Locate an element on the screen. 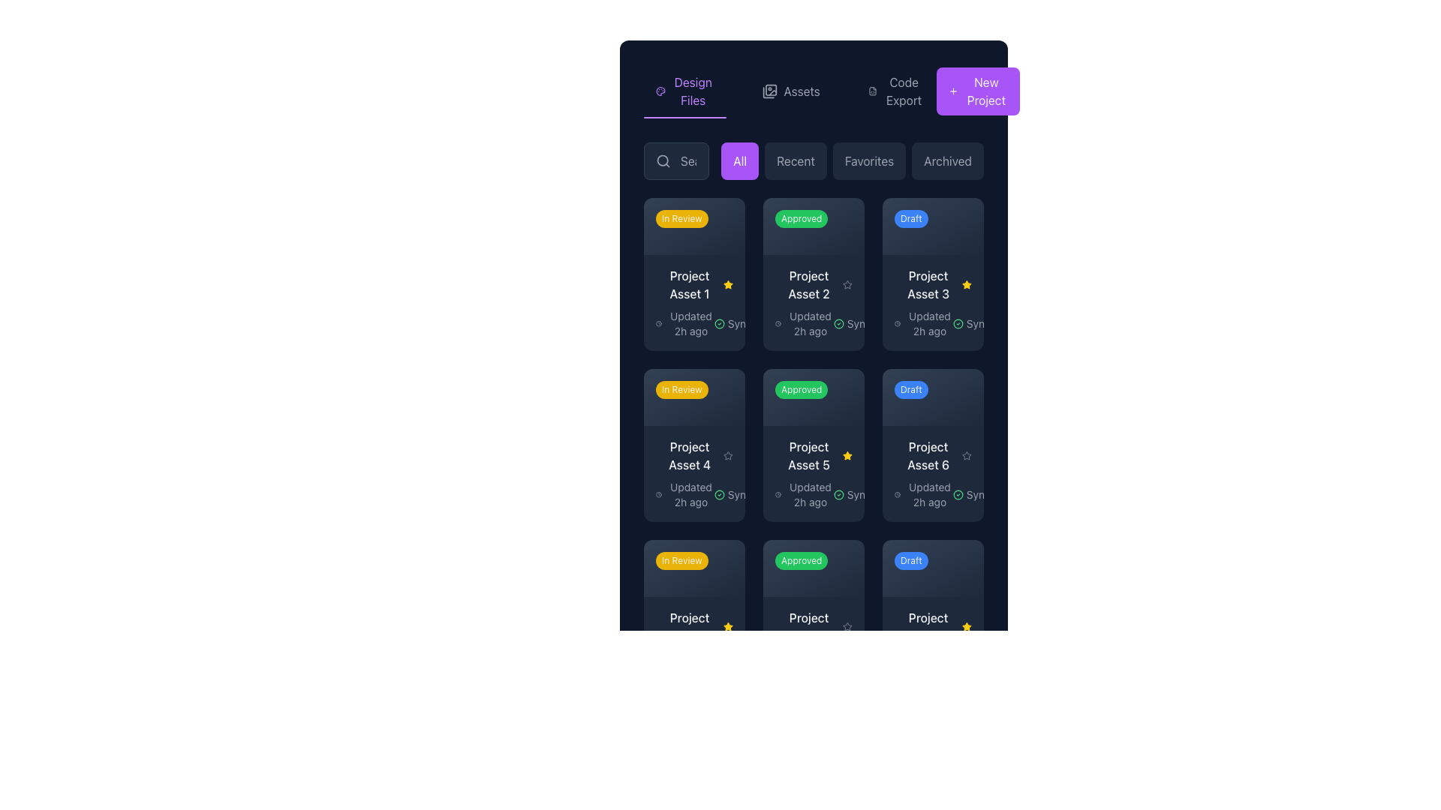  the monochromatic line art icon resembling layered images located inside the 'Assets' menu item in the navigation bar is located at coordinates (770, 91).